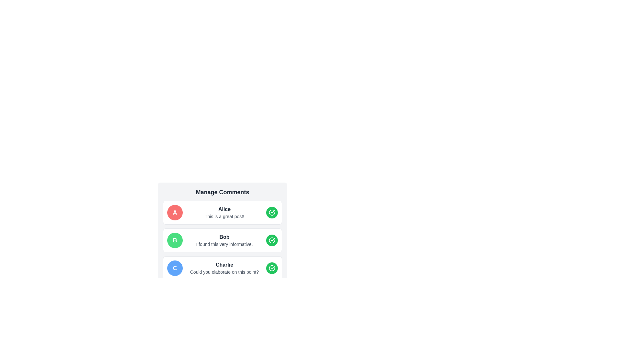 The height and width of the screenshot is (349, 621). Describe the element at coordinates (272, 240) in the screenshot. I see `the small circular green button with a white check icon located to the far right of the comment section for 'Bob' in the 'Manage Comments' interface` at that location.